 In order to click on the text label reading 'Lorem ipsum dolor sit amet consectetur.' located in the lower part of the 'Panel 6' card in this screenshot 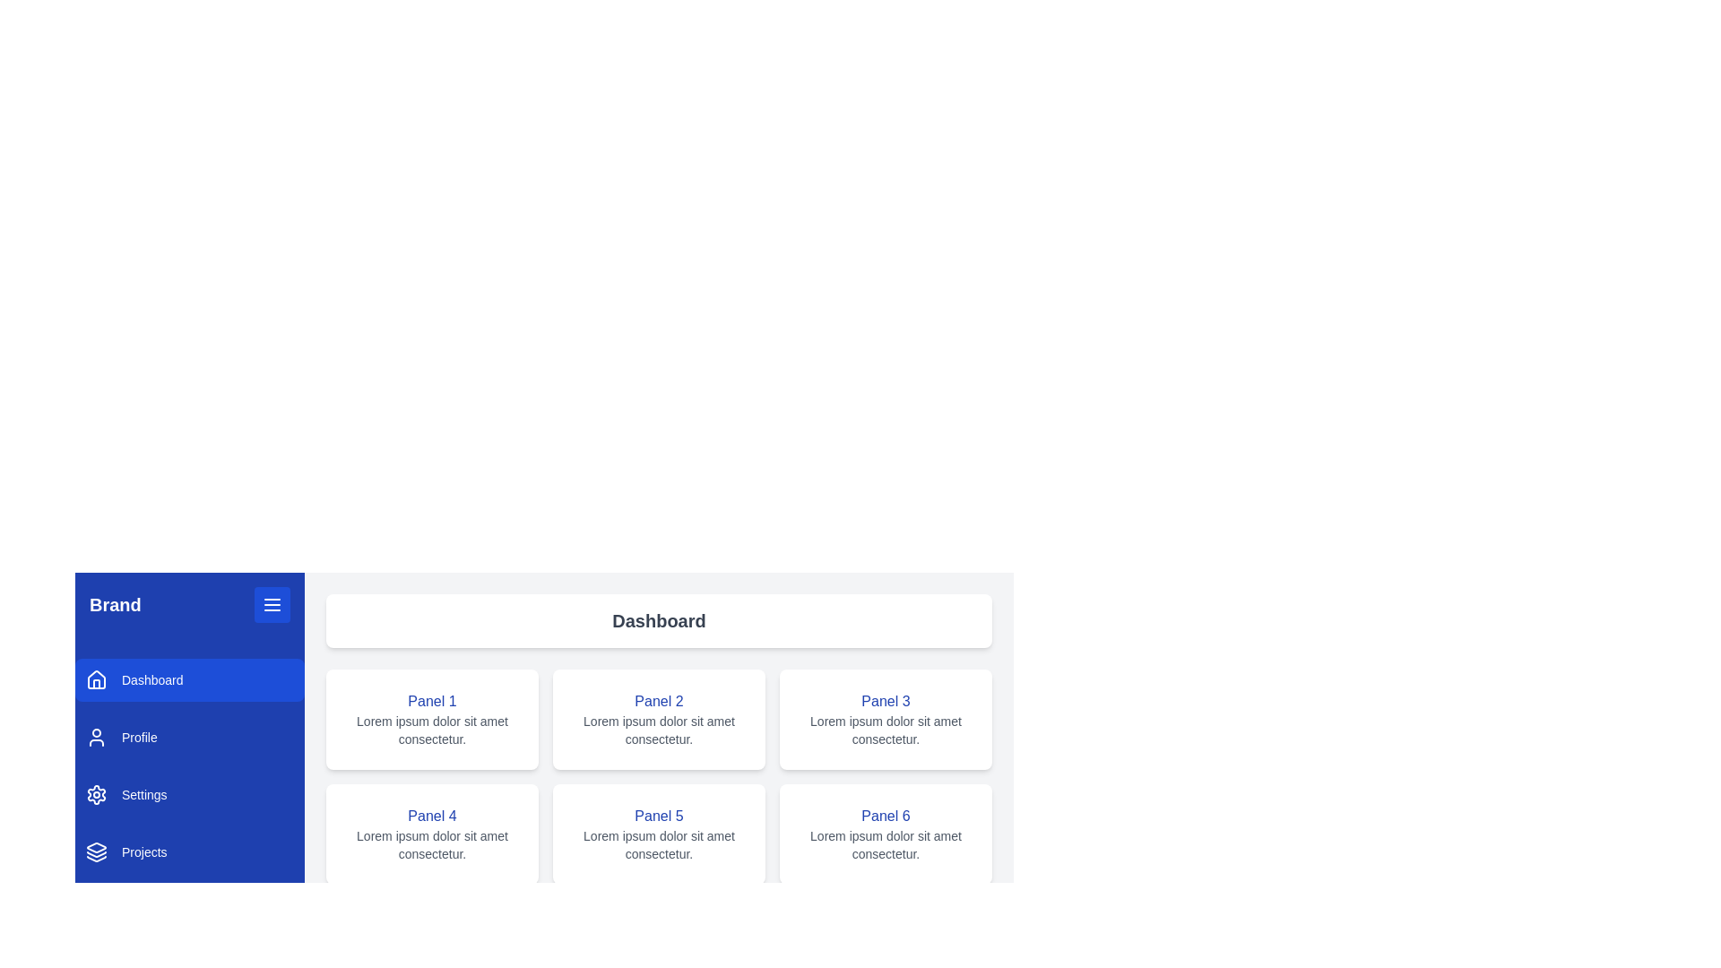, I will do `click(886, 844)`.